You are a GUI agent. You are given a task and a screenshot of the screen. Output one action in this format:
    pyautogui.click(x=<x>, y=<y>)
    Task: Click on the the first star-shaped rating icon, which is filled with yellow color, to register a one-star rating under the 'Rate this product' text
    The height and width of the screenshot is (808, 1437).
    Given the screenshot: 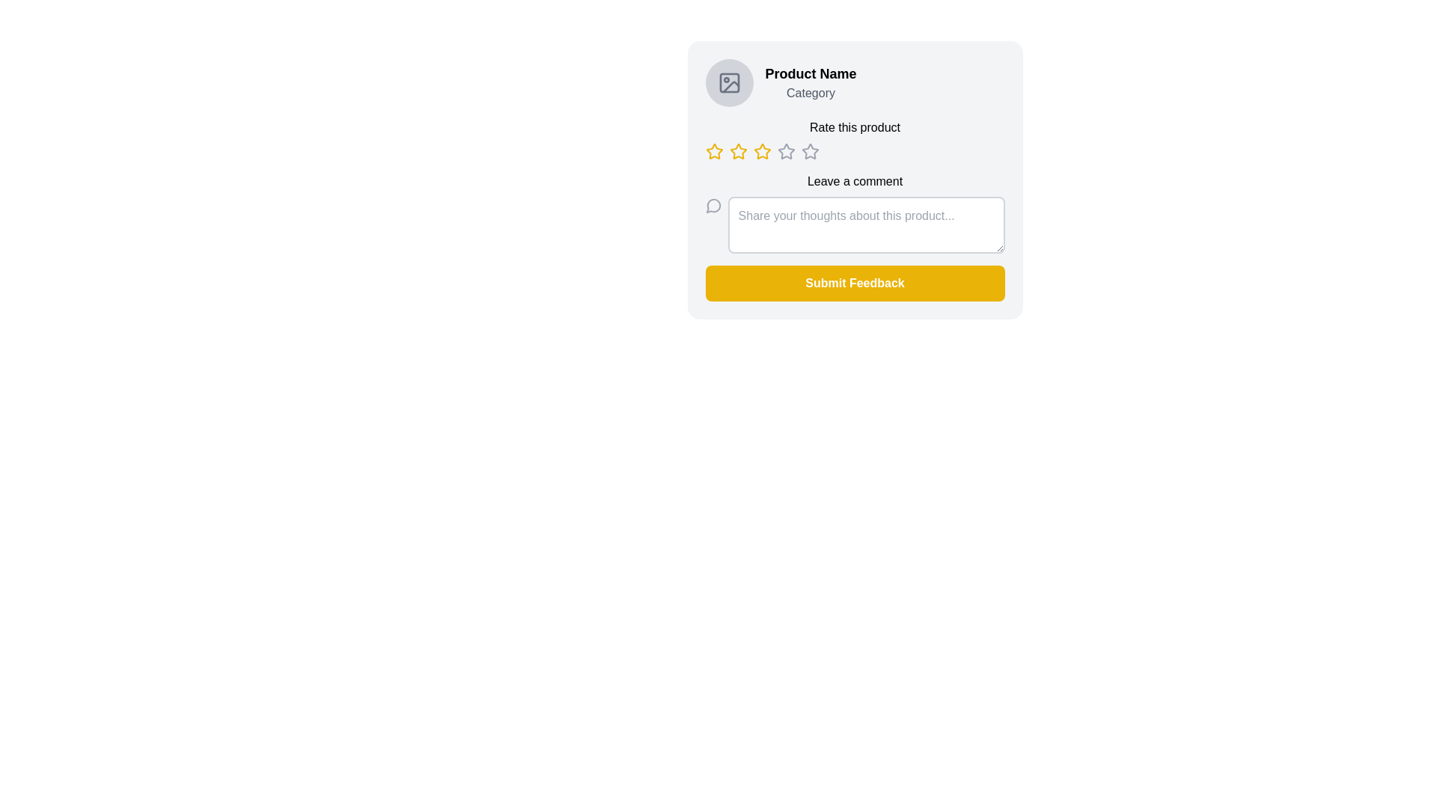 What is the action you would take?
    pyautogui.click(x=713, y=151)
    